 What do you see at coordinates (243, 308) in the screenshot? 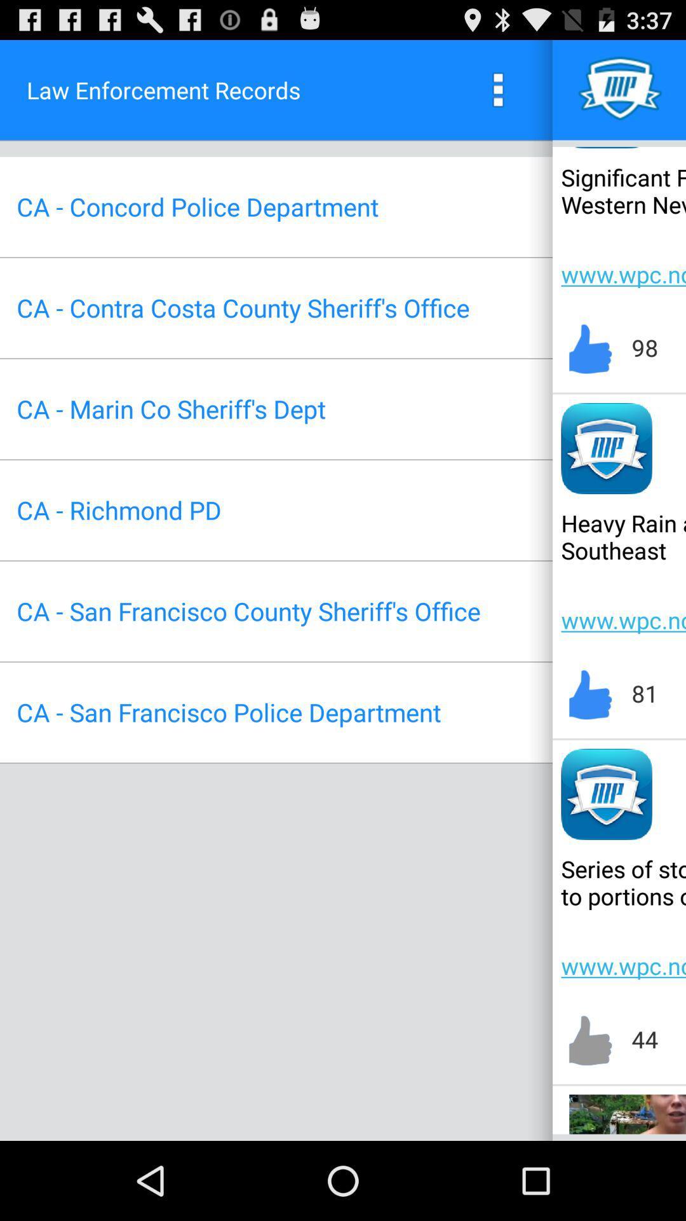
I see `the app above the ca marin co item` at bounding box center [243, 308].